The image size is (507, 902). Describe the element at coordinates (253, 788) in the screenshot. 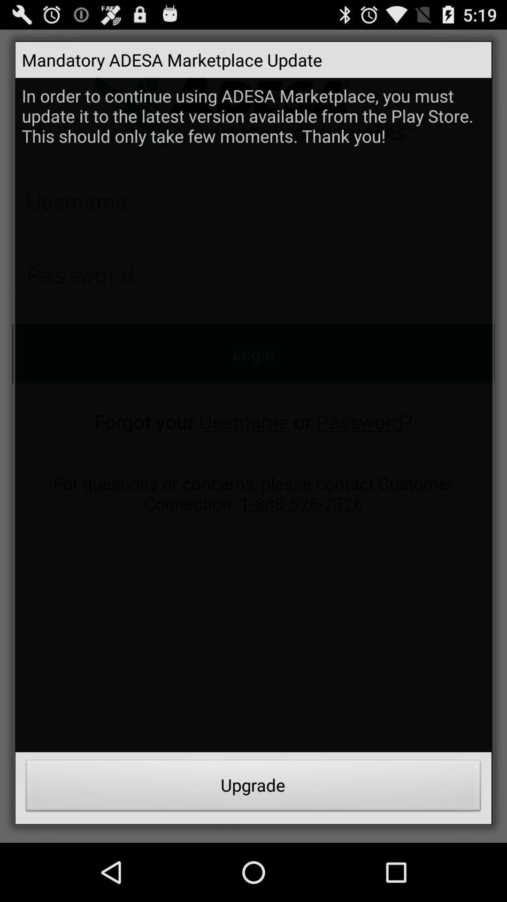

I see `the app below the in order to` at that location.